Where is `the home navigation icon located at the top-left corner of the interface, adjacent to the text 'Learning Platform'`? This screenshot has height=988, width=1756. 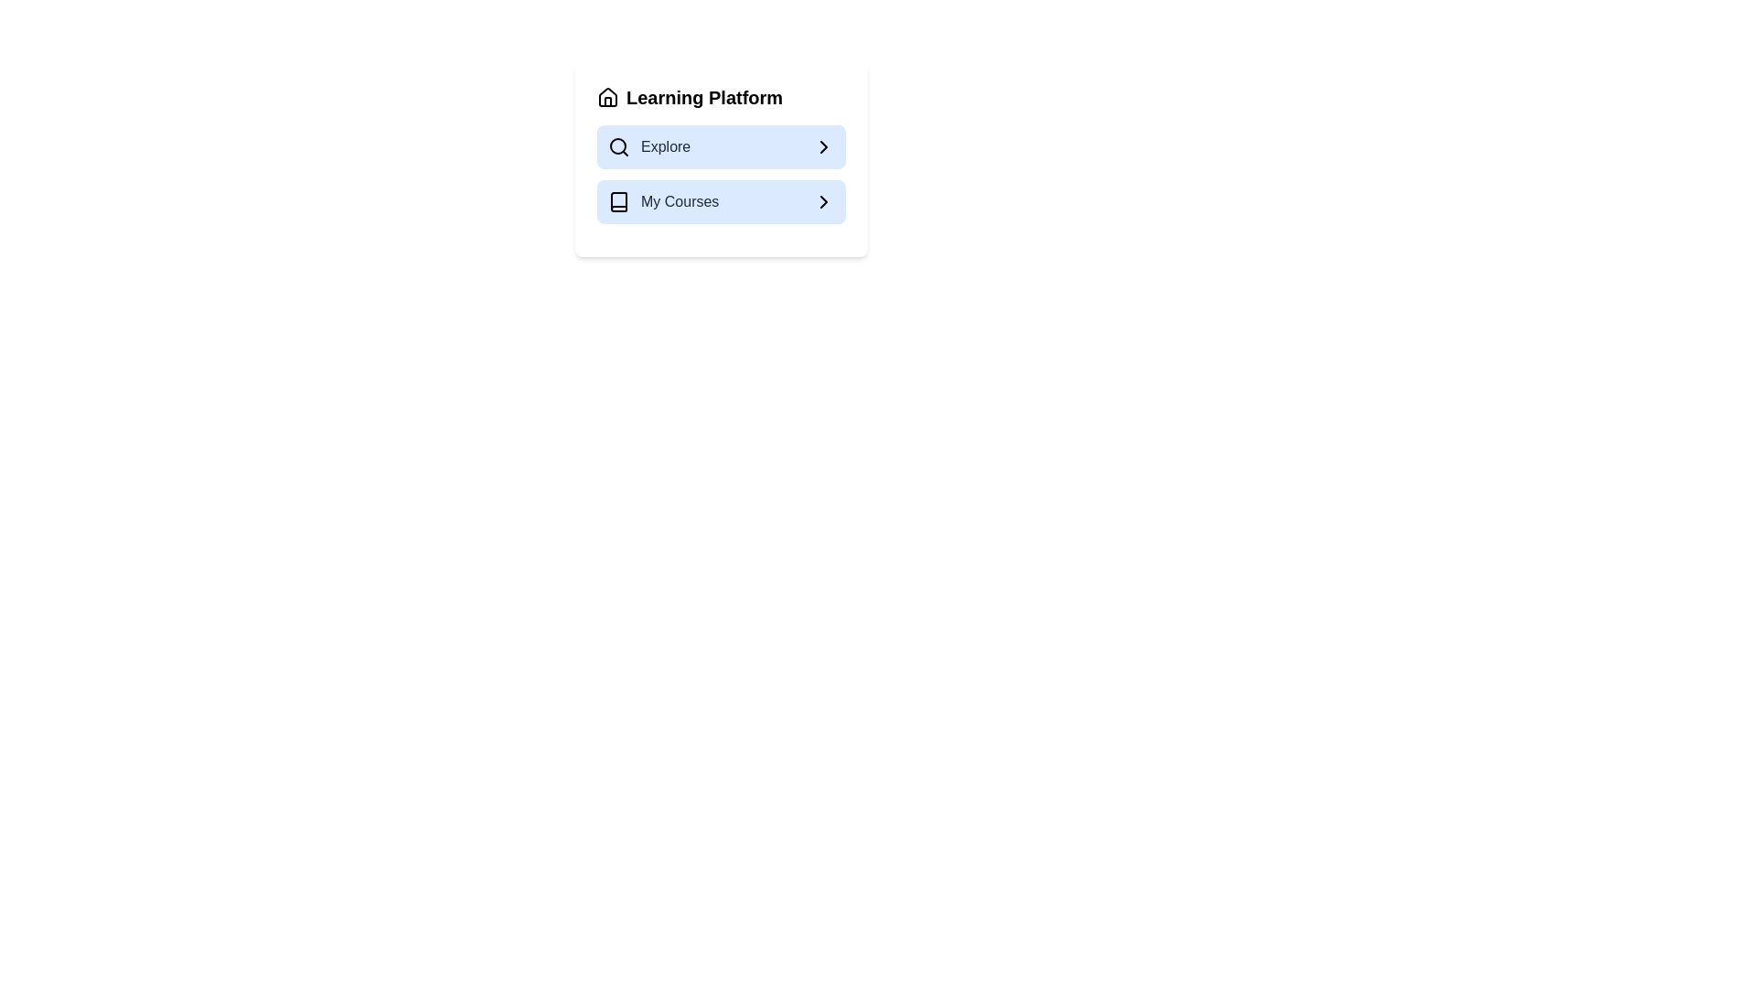 the home navigation icon located at the top-left corner of the interface, adjacent to the text 'Learning Platform' is located at coordinates (608, 98).